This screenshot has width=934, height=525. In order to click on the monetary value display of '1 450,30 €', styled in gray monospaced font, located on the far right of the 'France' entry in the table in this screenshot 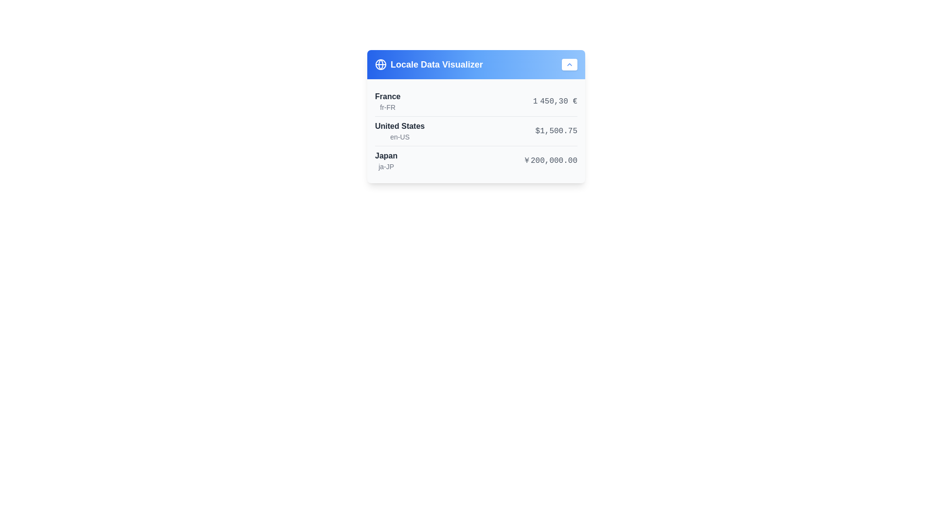, I will do `click(555, 101)`.